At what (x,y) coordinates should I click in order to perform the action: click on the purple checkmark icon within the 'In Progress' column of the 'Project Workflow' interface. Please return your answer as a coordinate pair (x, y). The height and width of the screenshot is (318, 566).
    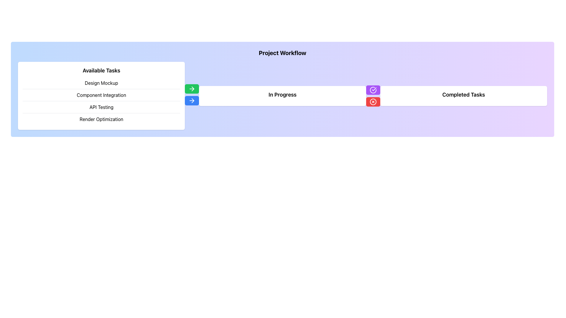
    Looking at the image, I should click on (374, 89).